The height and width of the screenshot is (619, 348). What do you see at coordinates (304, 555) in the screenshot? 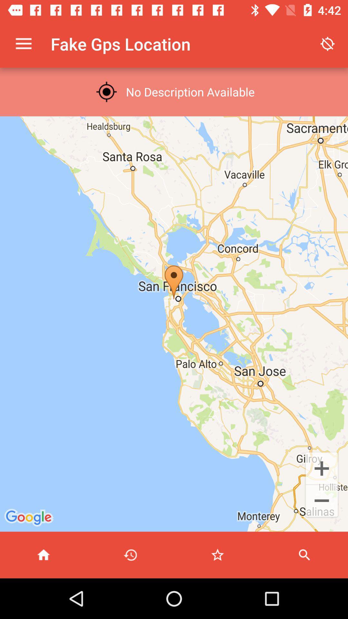
I see `search` at bounding box center [304, 555].